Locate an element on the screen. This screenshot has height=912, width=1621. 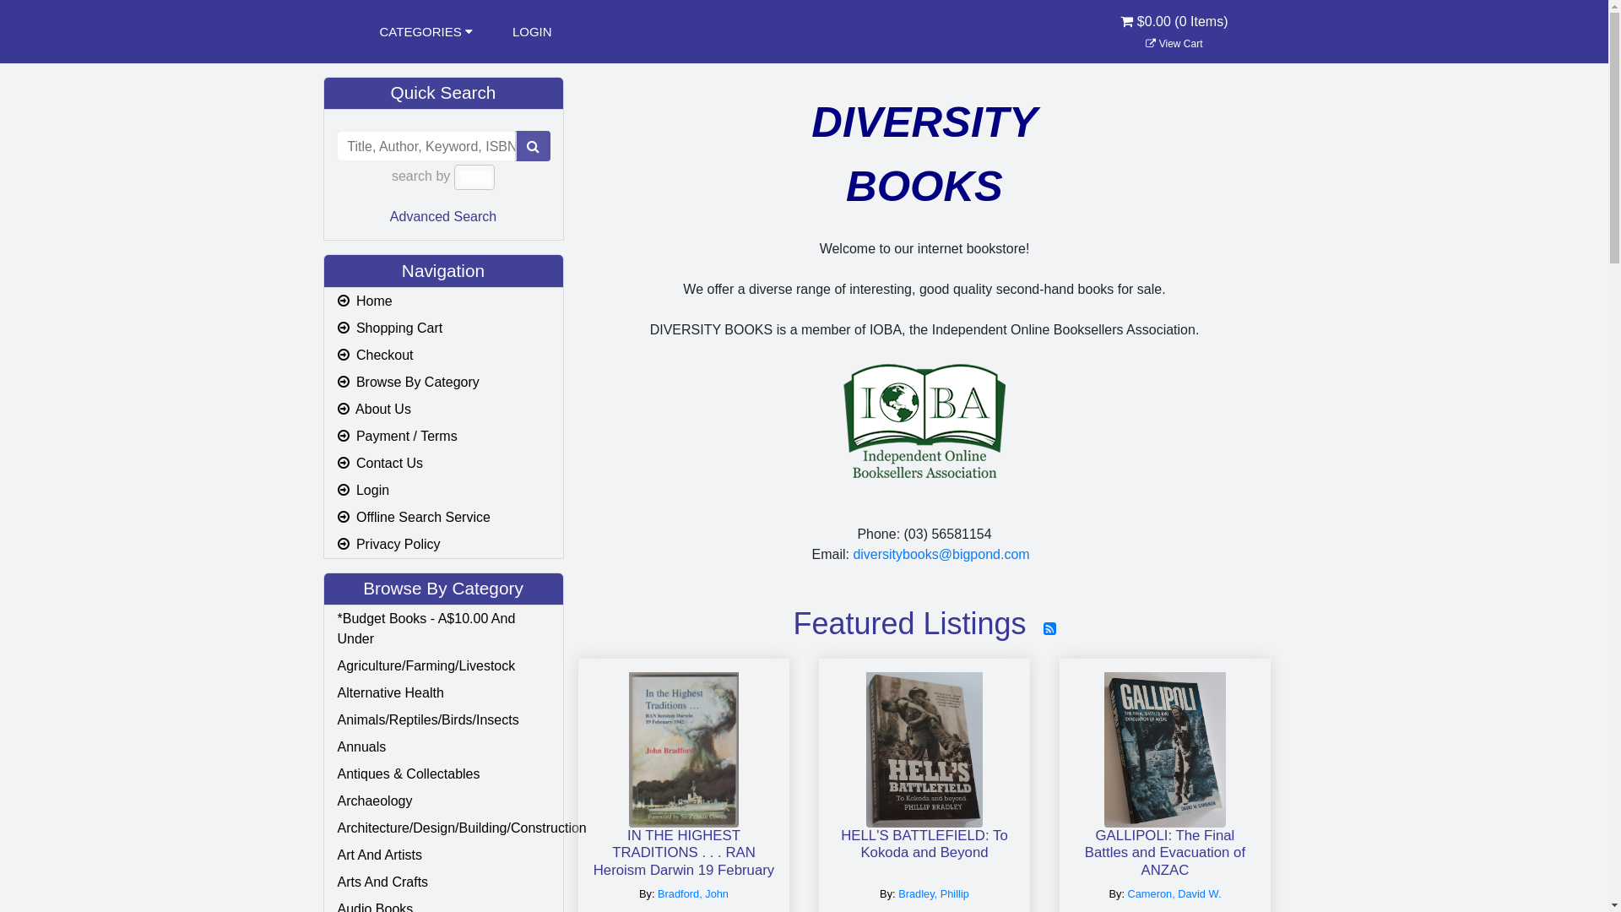
'Advanced Search' is located at coordinates (442, 215).